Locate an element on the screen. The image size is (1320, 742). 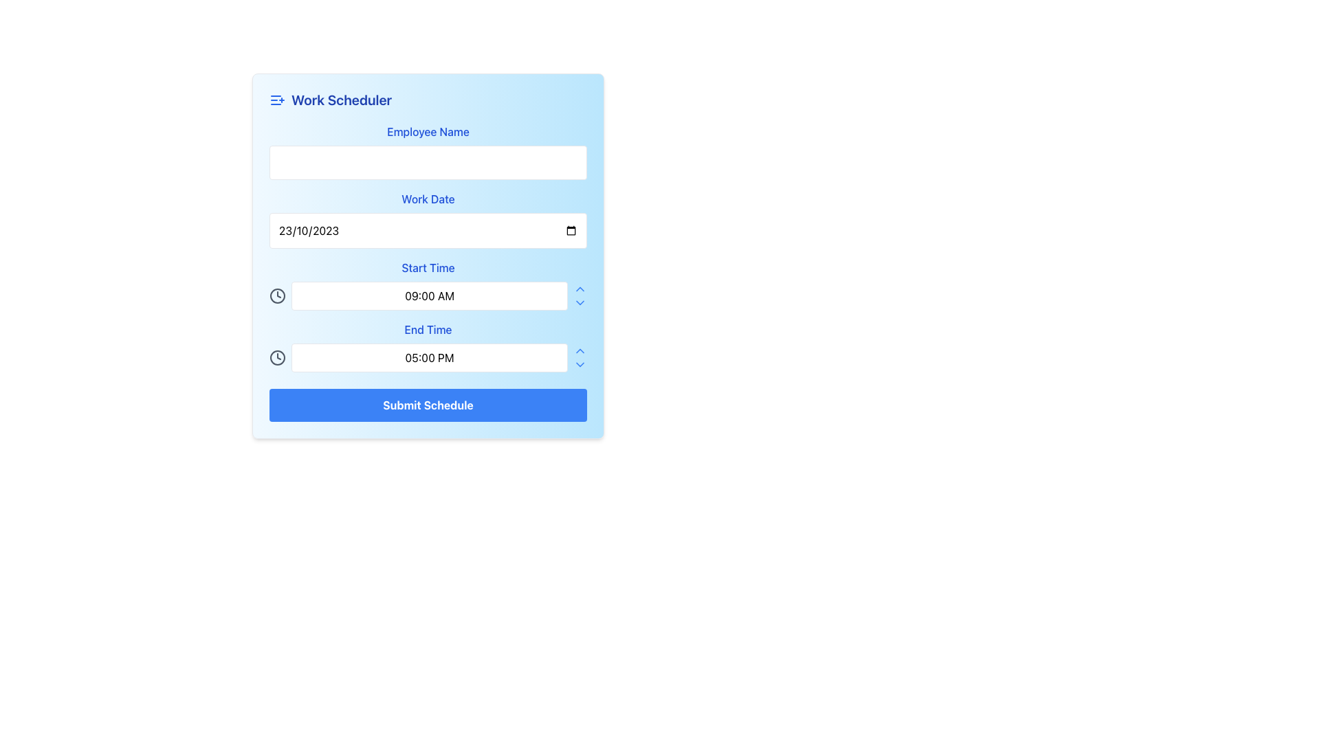
the submit button located at the bottom of the 'Work Scheduler' form, below the 'End Time' input field is located at coordinates (428, 405).